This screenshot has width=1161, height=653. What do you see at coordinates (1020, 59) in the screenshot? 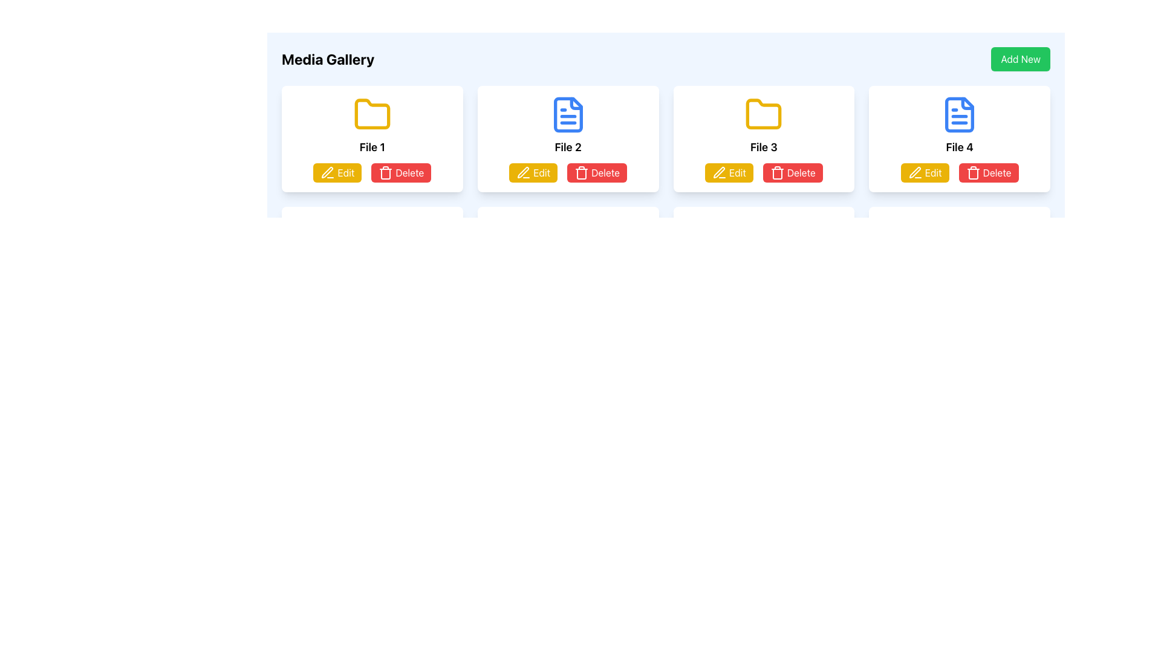
I see `the rectangular green button labeled 'Add New' located at the top-right corner of the interface` at bounding box center [1020, 59].